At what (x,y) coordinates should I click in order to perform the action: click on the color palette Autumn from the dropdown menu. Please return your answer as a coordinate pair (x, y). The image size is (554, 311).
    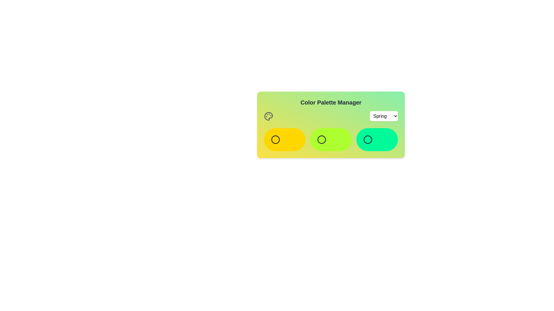
    Looking at the image, I should click on (384, 116).